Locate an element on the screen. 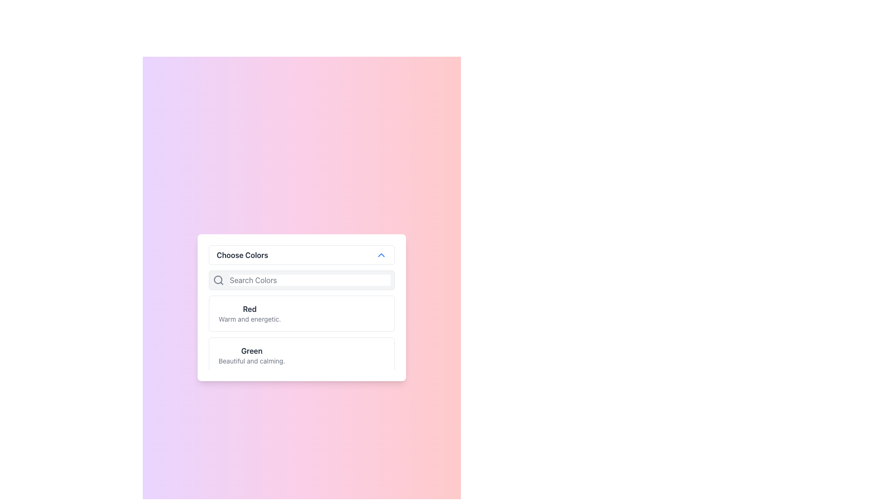 This screenshot has width=893, height=502. the descriptive subtitle text located below the 'Green' title is located at coordinates (252, 360).